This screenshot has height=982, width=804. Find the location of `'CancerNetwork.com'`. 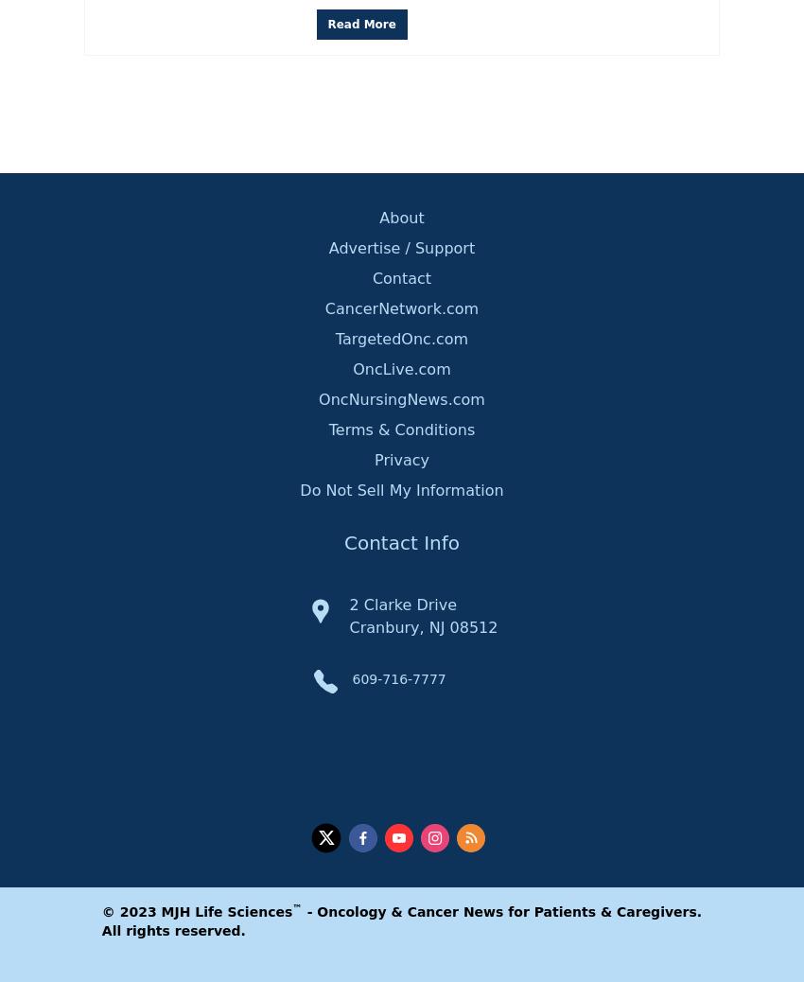

'CancerNetwork.com' is located at coordinates (401, 307).